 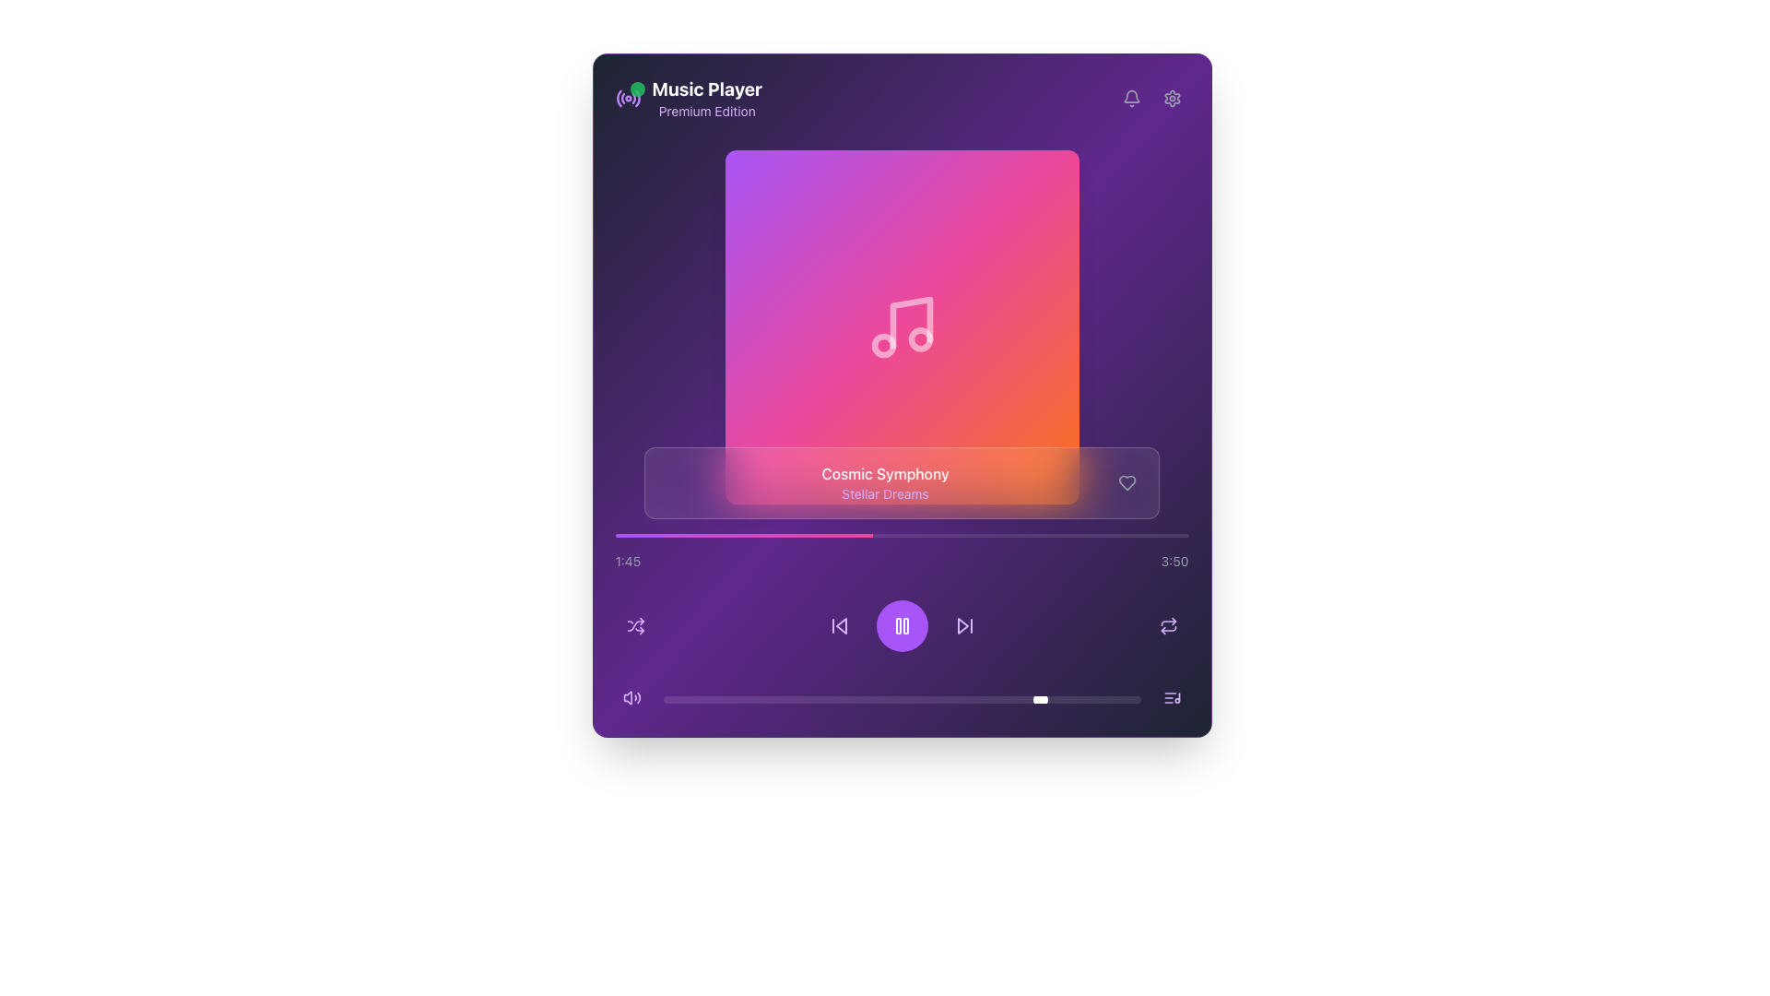 What do you see at coordinates (902, 624) in the screenshot?
I see `the rounded purple button with a white pause symbol at the bottom center of the music player interface` at bounding box center [902, 624].